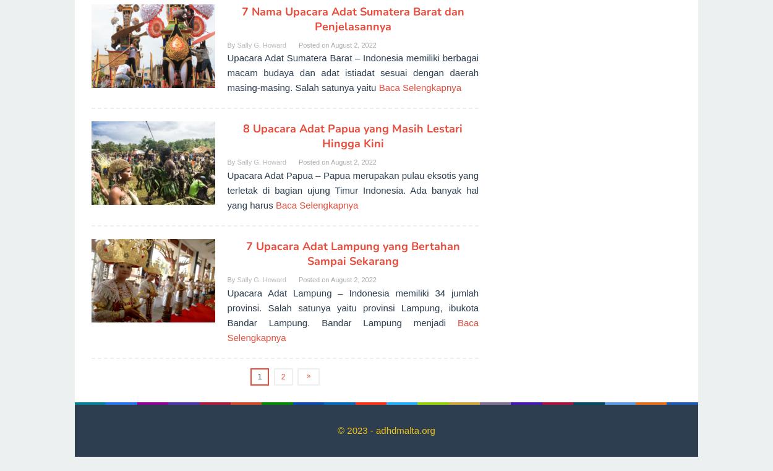 This screenshot has height=471, width=773. I want to click on 'Upacara Adat Lampung – Indonesia memiliki 34 jumlah provinsi. Salah satunya yaitu provinsi Lampung, ibukota Bandar Lampung. Bandar Lampung menjadi', so click(352, 306).